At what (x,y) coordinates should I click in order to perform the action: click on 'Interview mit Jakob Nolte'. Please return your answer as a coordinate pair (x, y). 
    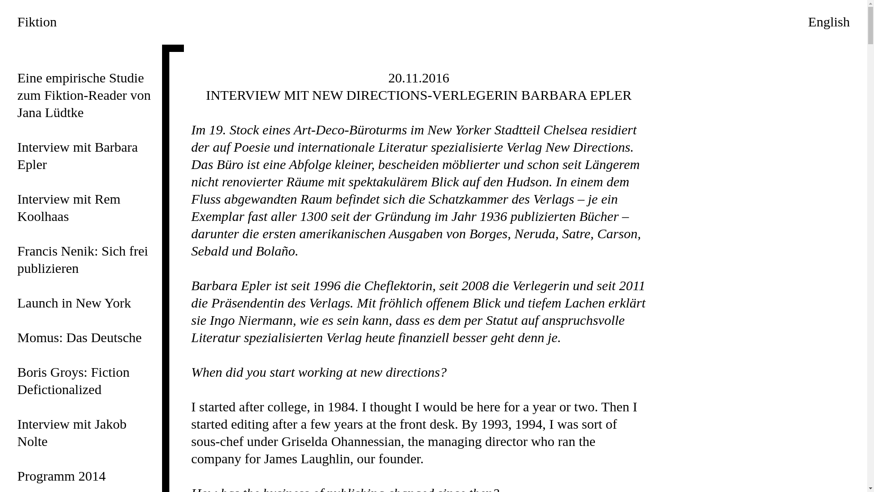
    Looking at the image, I should click on (17, 432).